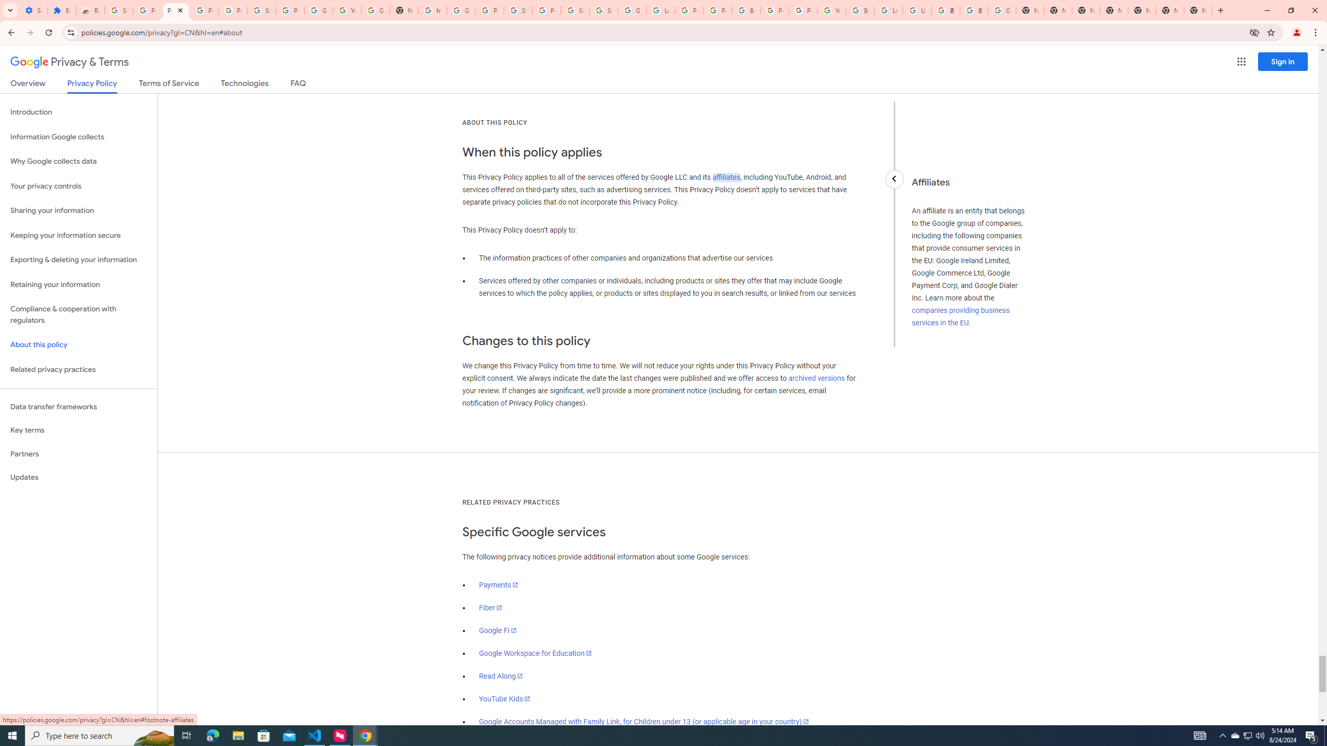  What do you see at coordinates (78, 369) in the screenshot?
I see `'Related privacy practices'` at bounding box center [78, 369].